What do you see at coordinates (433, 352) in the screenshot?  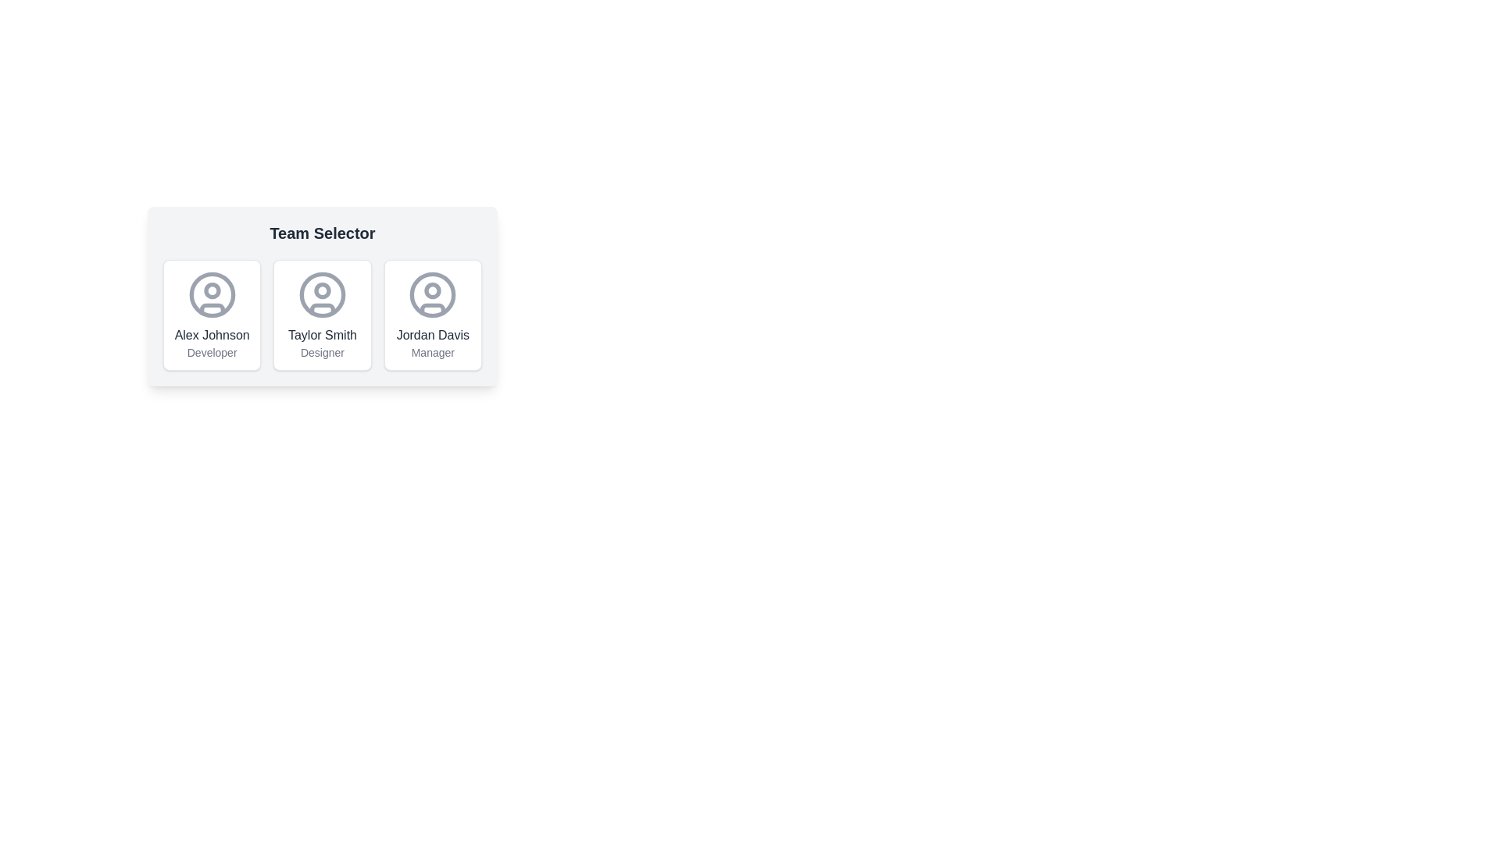 I see `the 'Manager' text label associated with 'Jordan Davis' located at the bottom of the card` at bounding box center [433, 352].